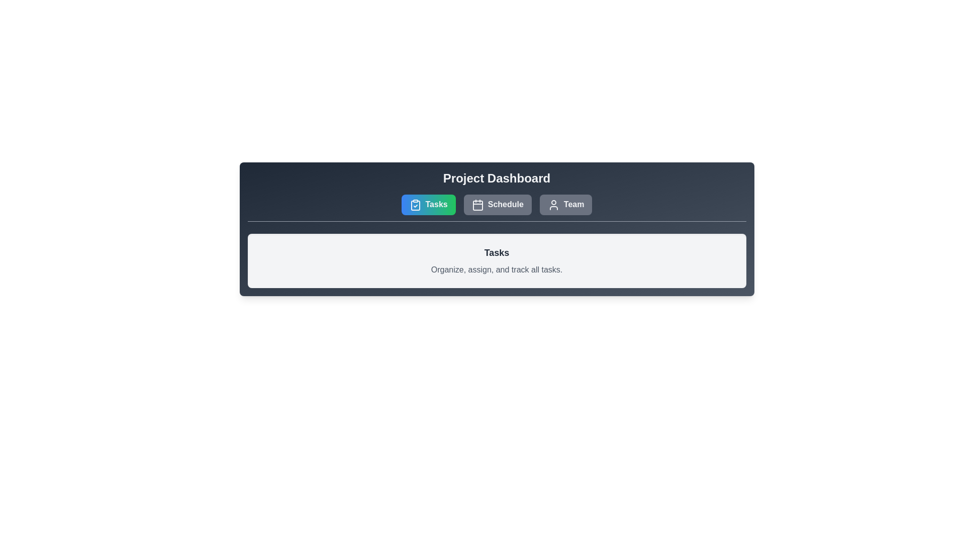 The width and height of the screenshot is (965, 543). Describe the element at coordinates (497, 177) in the screenshot. I see `the Header label that serves as a title for the current section, positioned above the buttons for 'Tasks', 'Schedule', and 'Team'` at that location.